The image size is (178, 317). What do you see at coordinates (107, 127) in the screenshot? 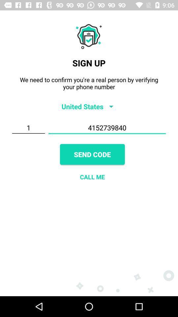
I see `4152739840 item` at bounding box center [107, 127].